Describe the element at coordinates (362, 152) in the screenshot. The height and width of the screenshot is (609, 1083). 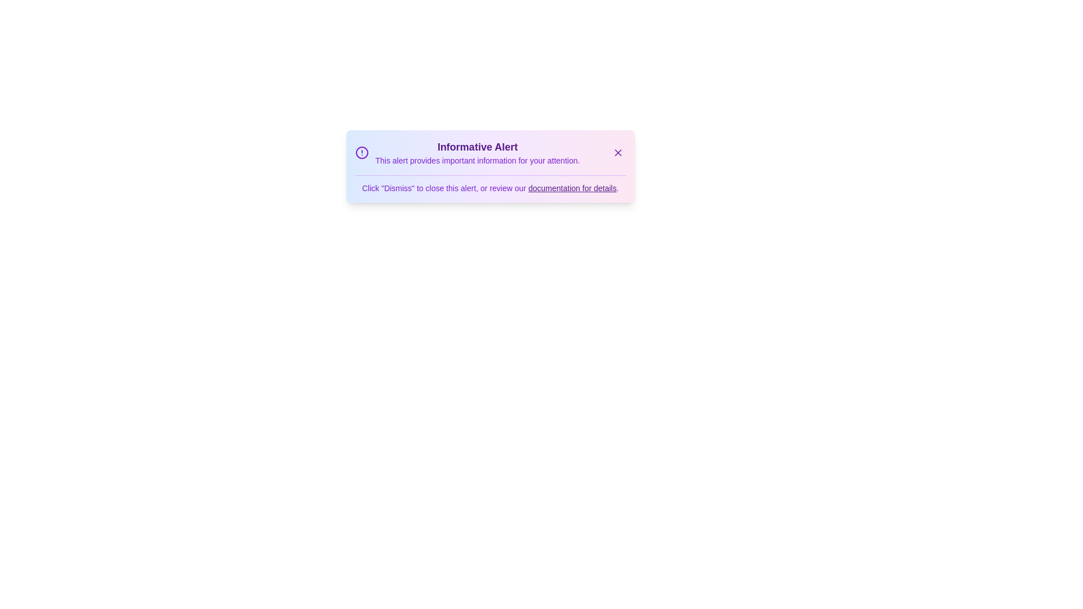
I see `the alert icon to inspect it or reveal additional information` at that location.